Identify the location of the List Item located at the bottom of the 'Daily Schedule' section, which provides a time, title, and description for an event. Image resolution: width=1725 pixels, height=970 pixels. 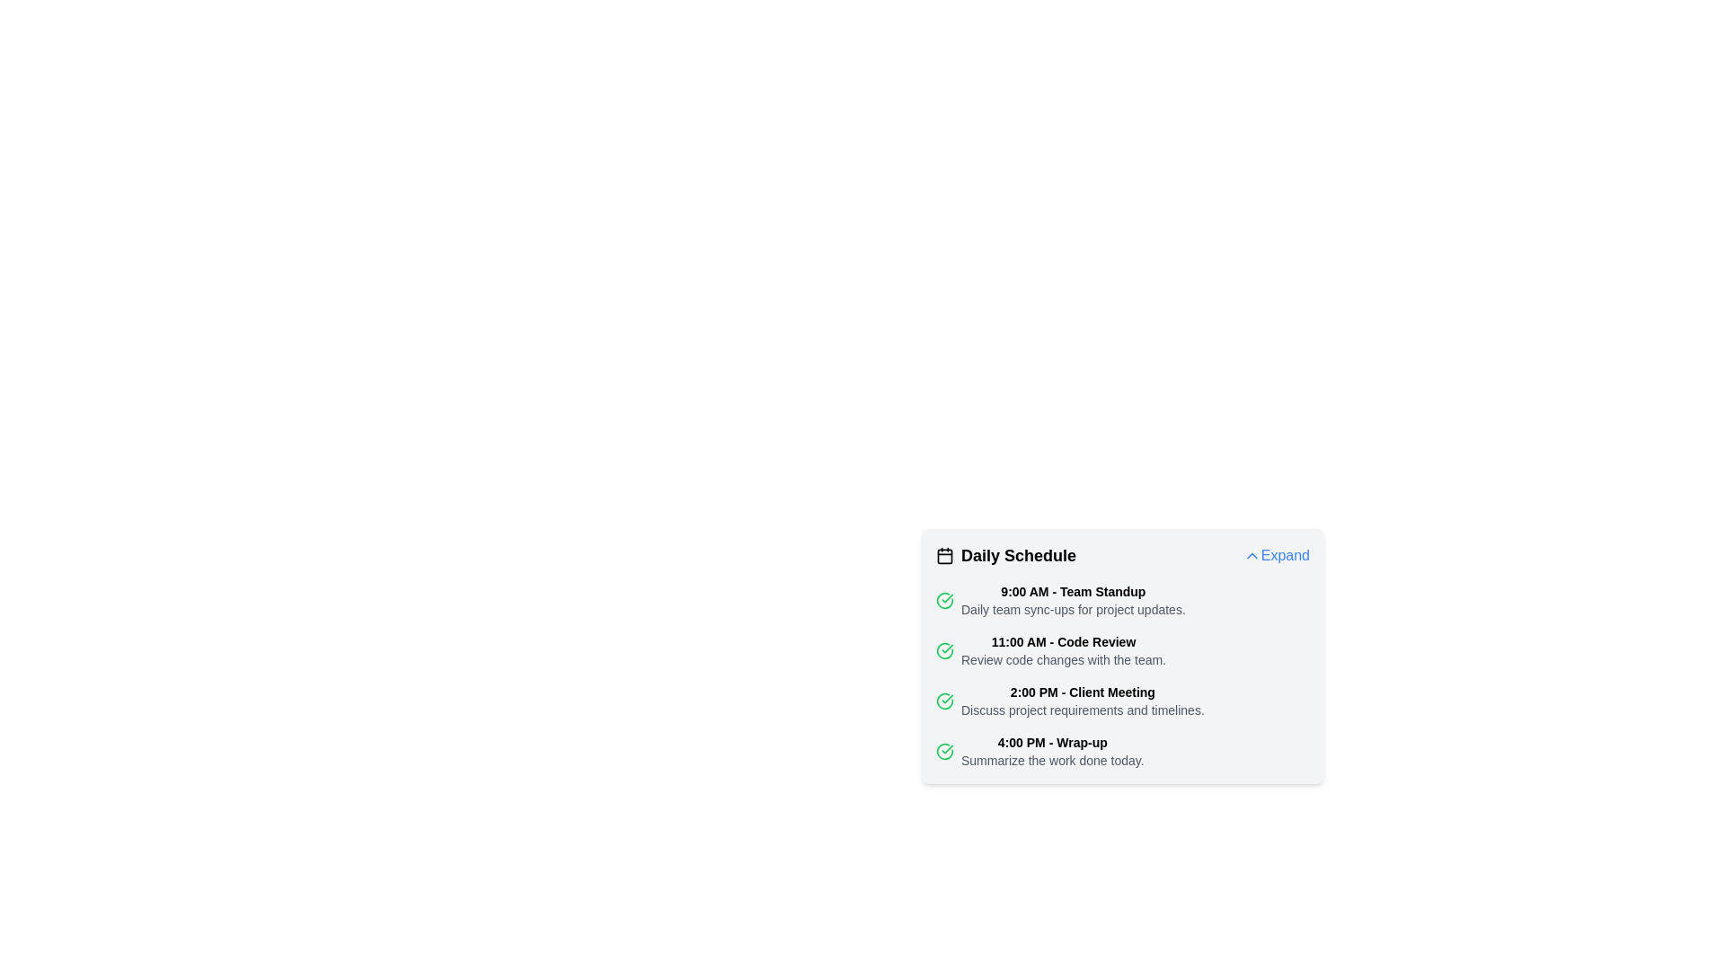
(1121, 752).